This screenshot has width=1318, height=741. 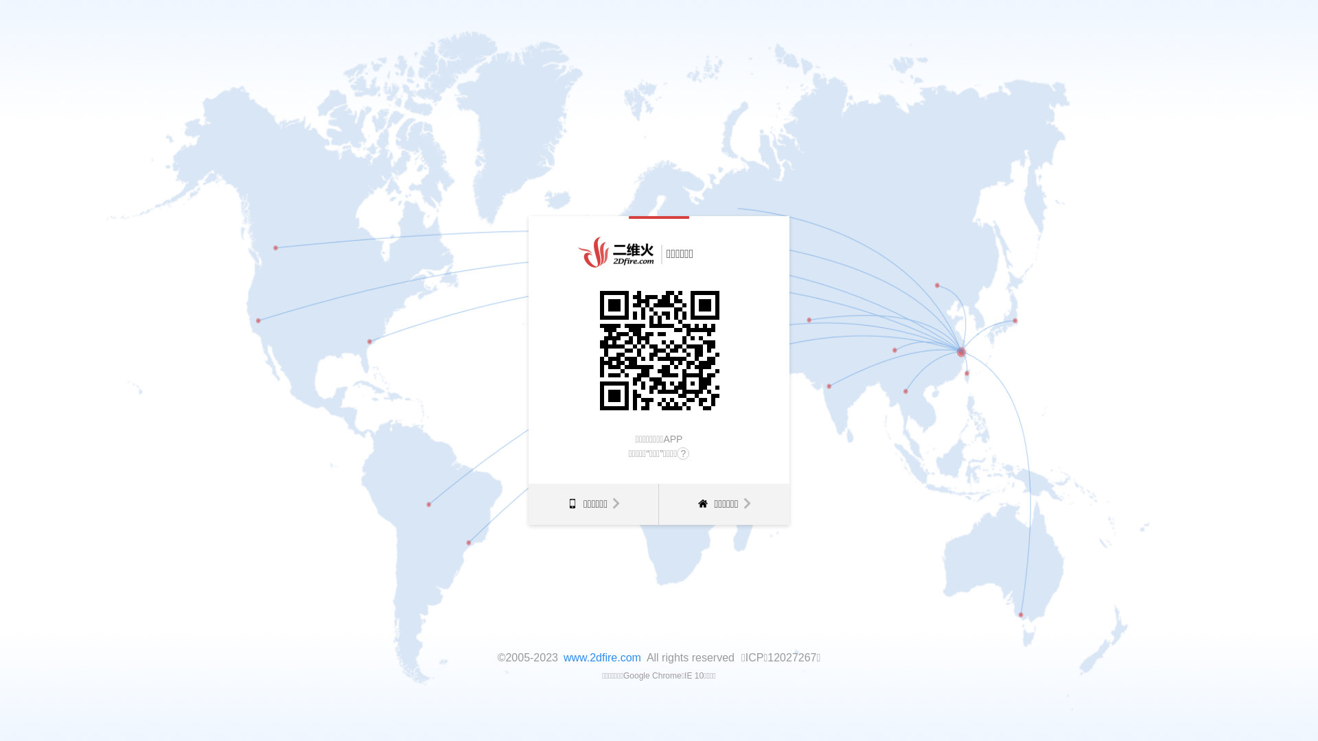 What do you see at coordinates (602, 657) in the screenshot?
I see `'www.2dfire.com'` at bounding box center [602, 657].